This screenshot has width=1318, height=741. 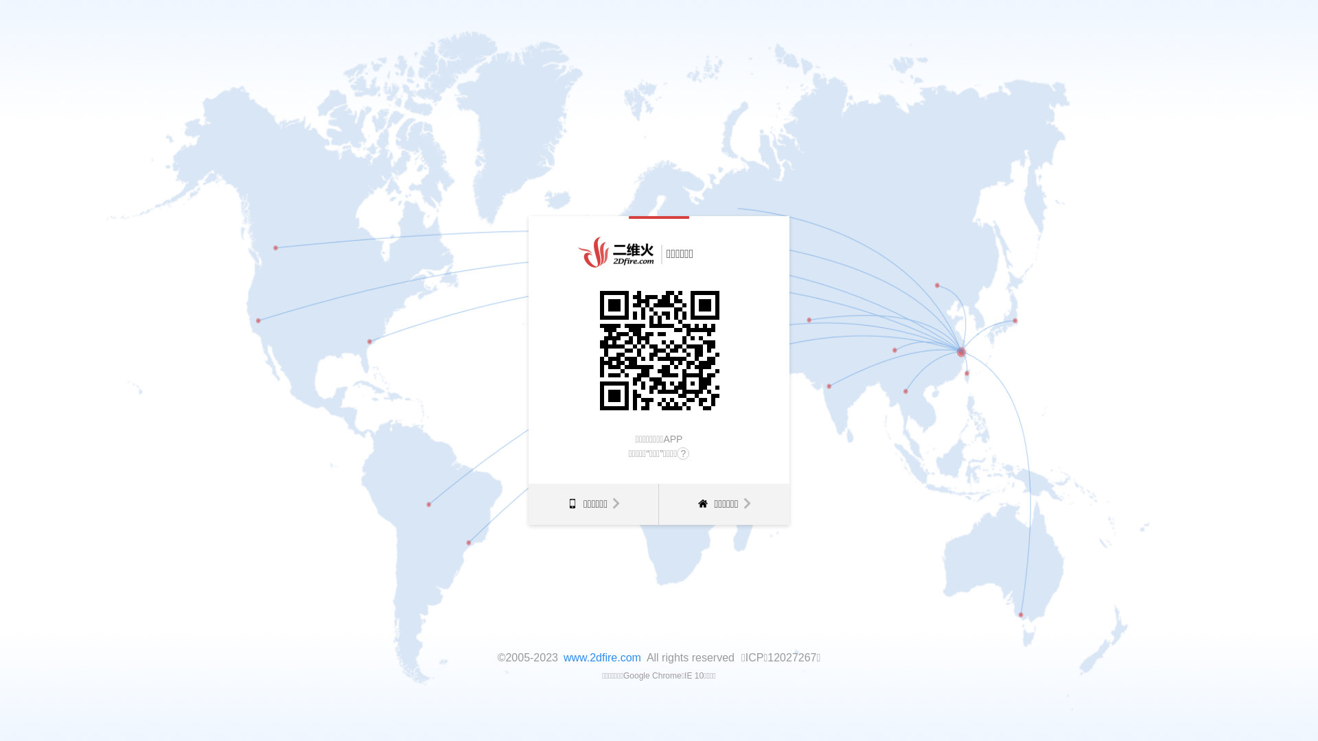 What do you see at coordinates (602, 657) in the screenshot?
I see `'www.2dfire.com'` at bounding box center [602, 657].